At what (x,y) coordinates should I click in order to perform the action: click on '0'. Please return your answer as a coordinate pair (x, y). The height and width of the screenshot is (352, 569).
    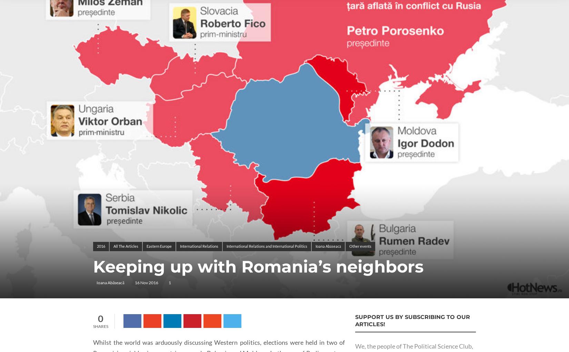
    Looking at the image, I should click on (101, 318).